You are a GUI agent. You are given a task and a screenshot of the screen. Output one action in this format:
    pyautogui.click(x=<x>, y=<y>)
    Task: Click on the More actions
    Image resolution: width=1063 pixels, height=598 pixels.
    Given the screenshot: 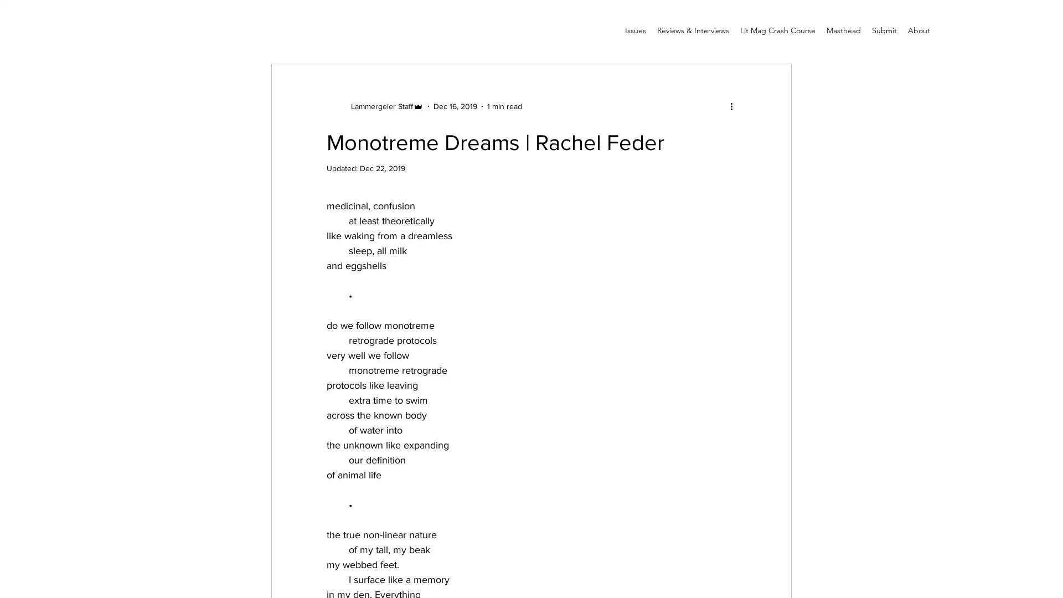 What is the action you would take?
    pyautogui.click(x=735, y=106)
    